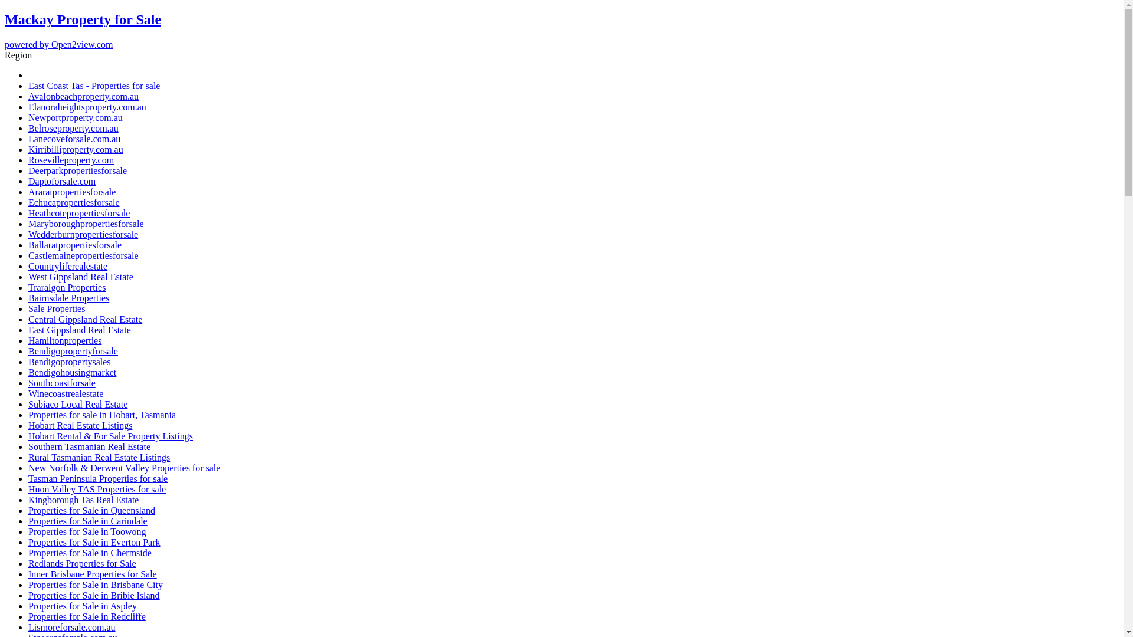 The image size is (1133, 637). Describe the element at coordinates (71, 191) in the screenshot. I see `'Araratpropertiesforsale'` at that location.